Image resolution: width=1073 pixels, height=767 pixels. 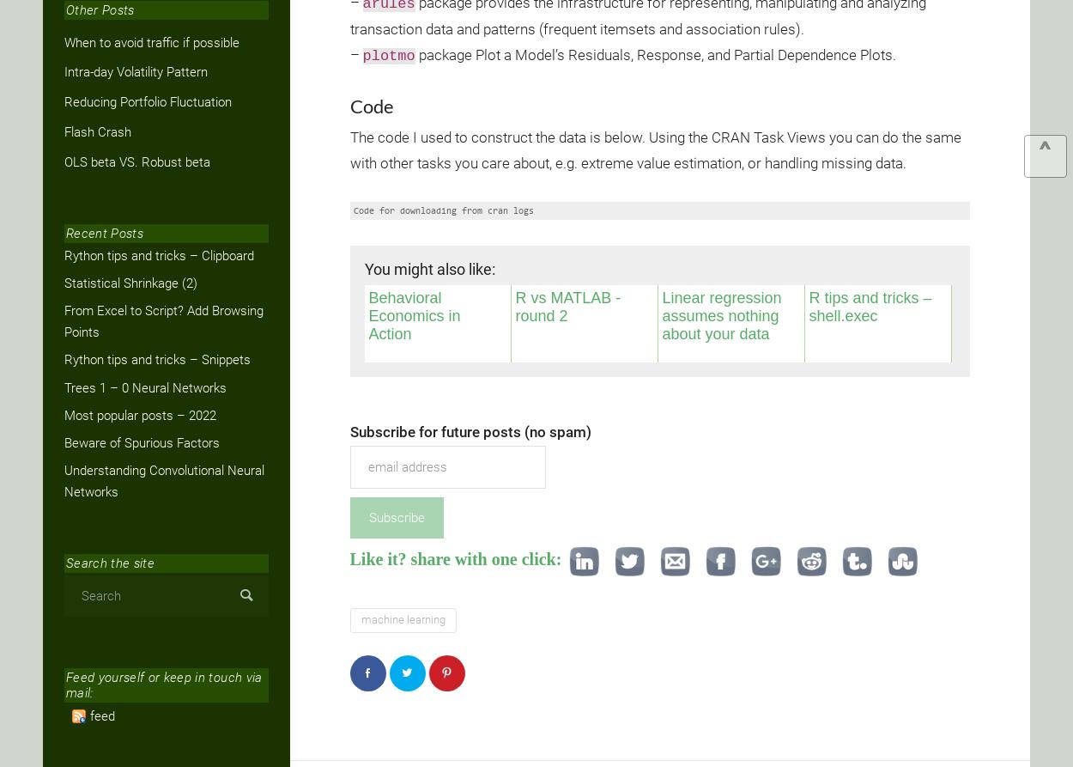 I want to click on 'Rython tips and tricks – Clipboard', so click(x=159, y=254).